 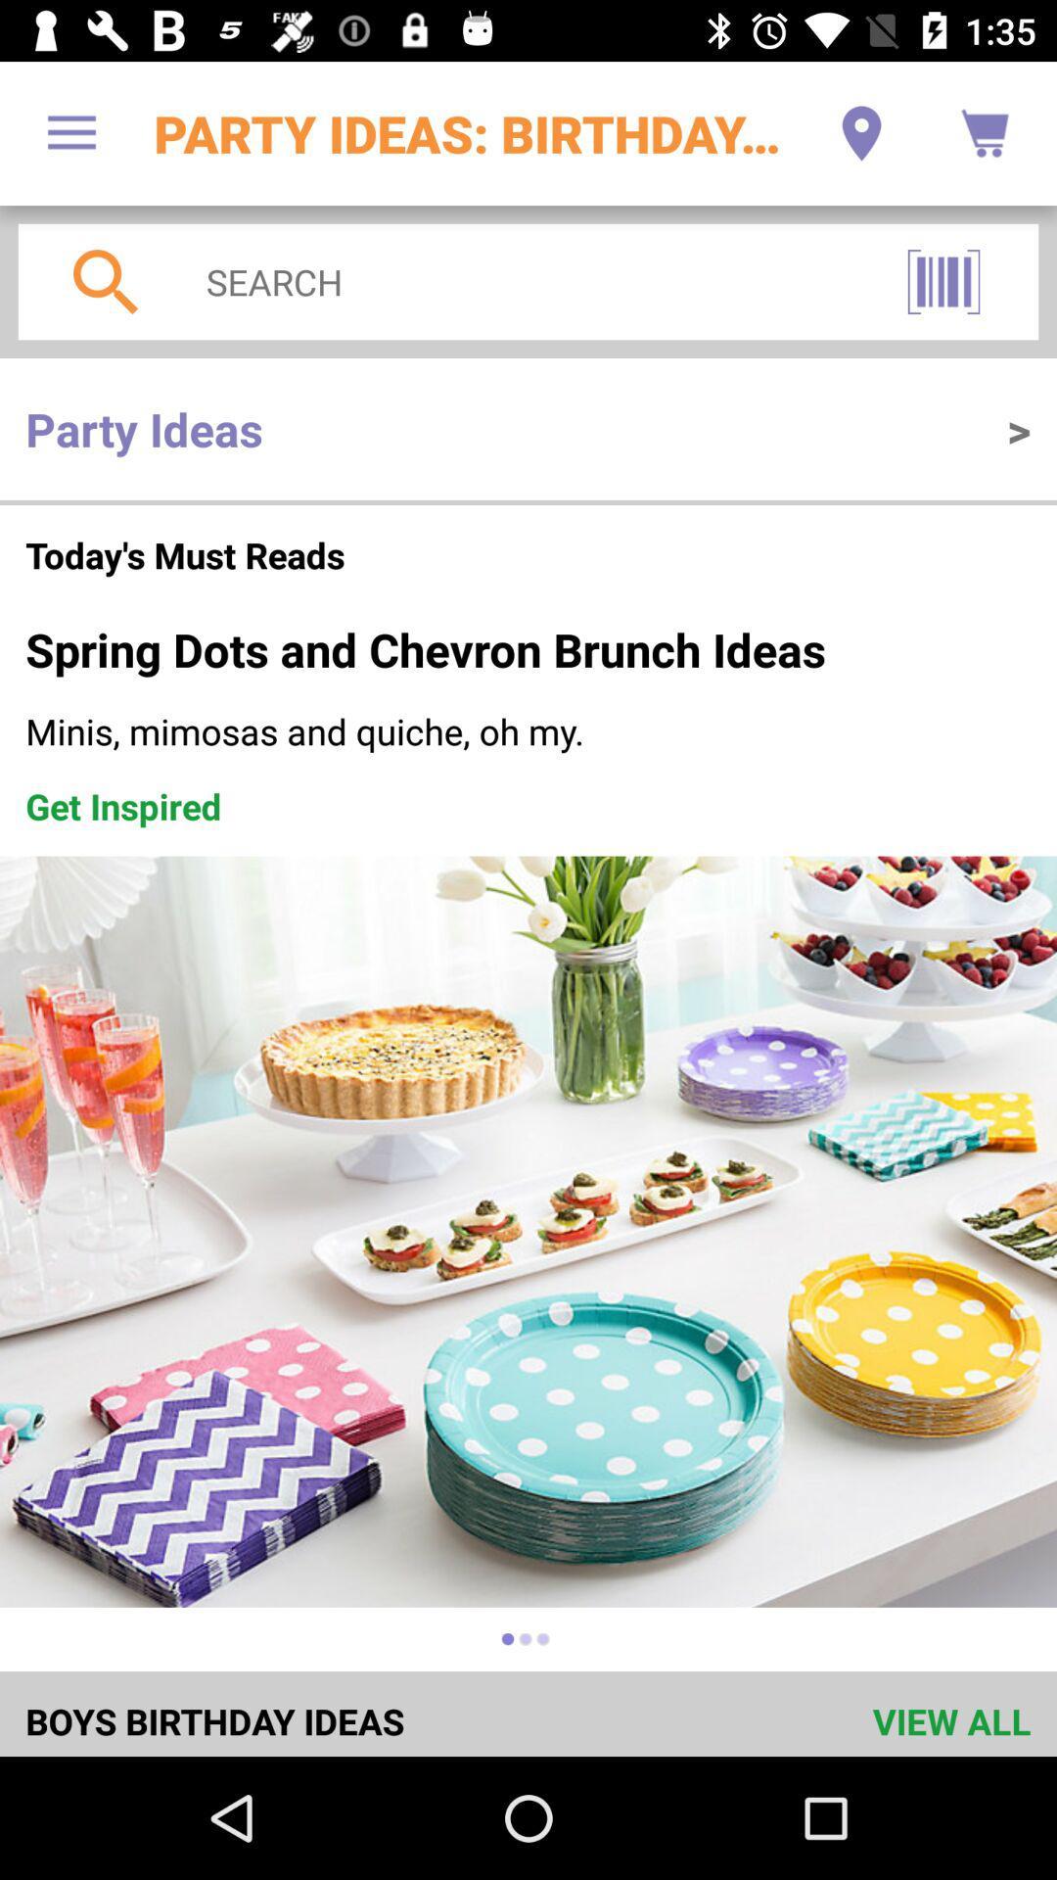 What do you see at coordinates (528, 730) in the screenshot?
I see `the minis mimosas and icon` at bounding box center [528, 730].